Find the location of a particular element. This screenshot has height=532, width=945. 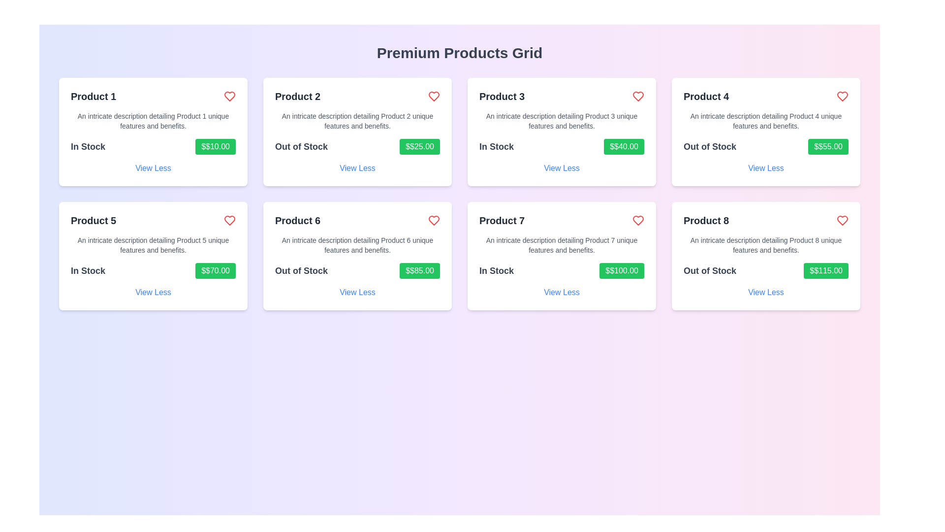

text content element that contains the description of 'Product 4', which is styled with a small font size and gray color, located below its title in the card layout is located at coordinates (765, 121).